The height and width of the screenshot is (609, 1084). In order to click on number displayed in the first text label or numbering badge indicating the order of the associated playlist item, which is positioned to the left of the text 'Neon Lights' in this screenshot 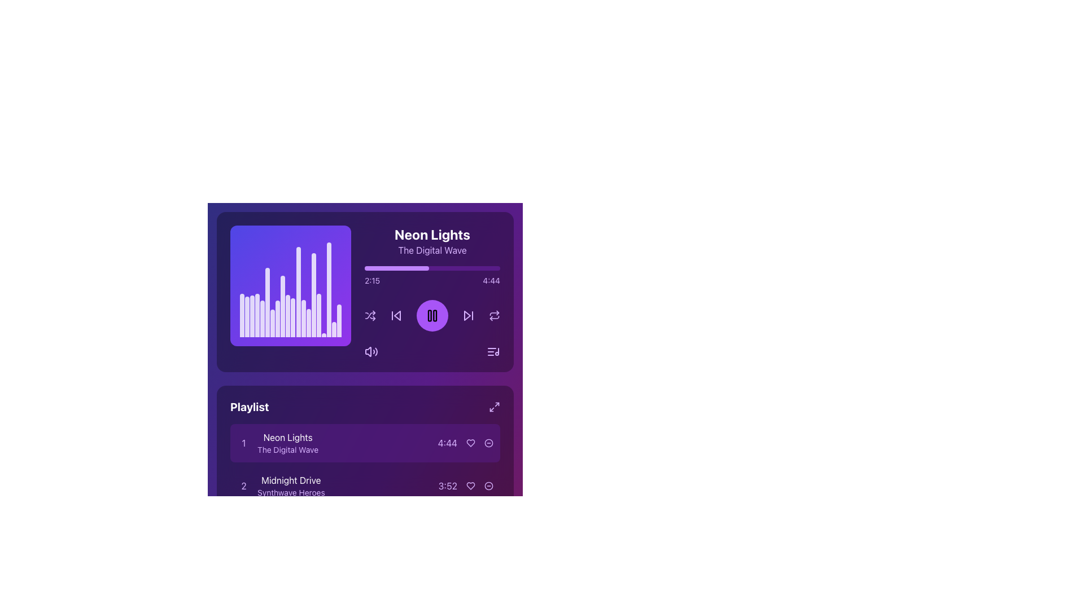, I will do `click(243, 443)`.